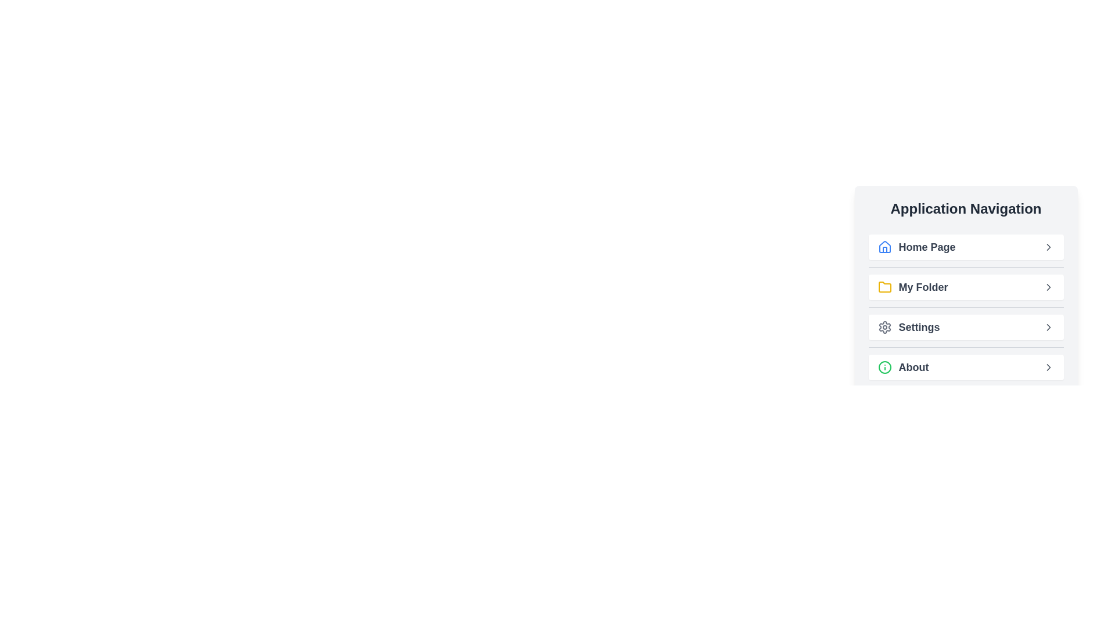 This screenshot has height=627, width=1115. Describe the element at coordinates (884, 246) in the screenshot. I see `the blue house icon located next to the 'Home Page' text in the 'Application Navigation' section` at that location.